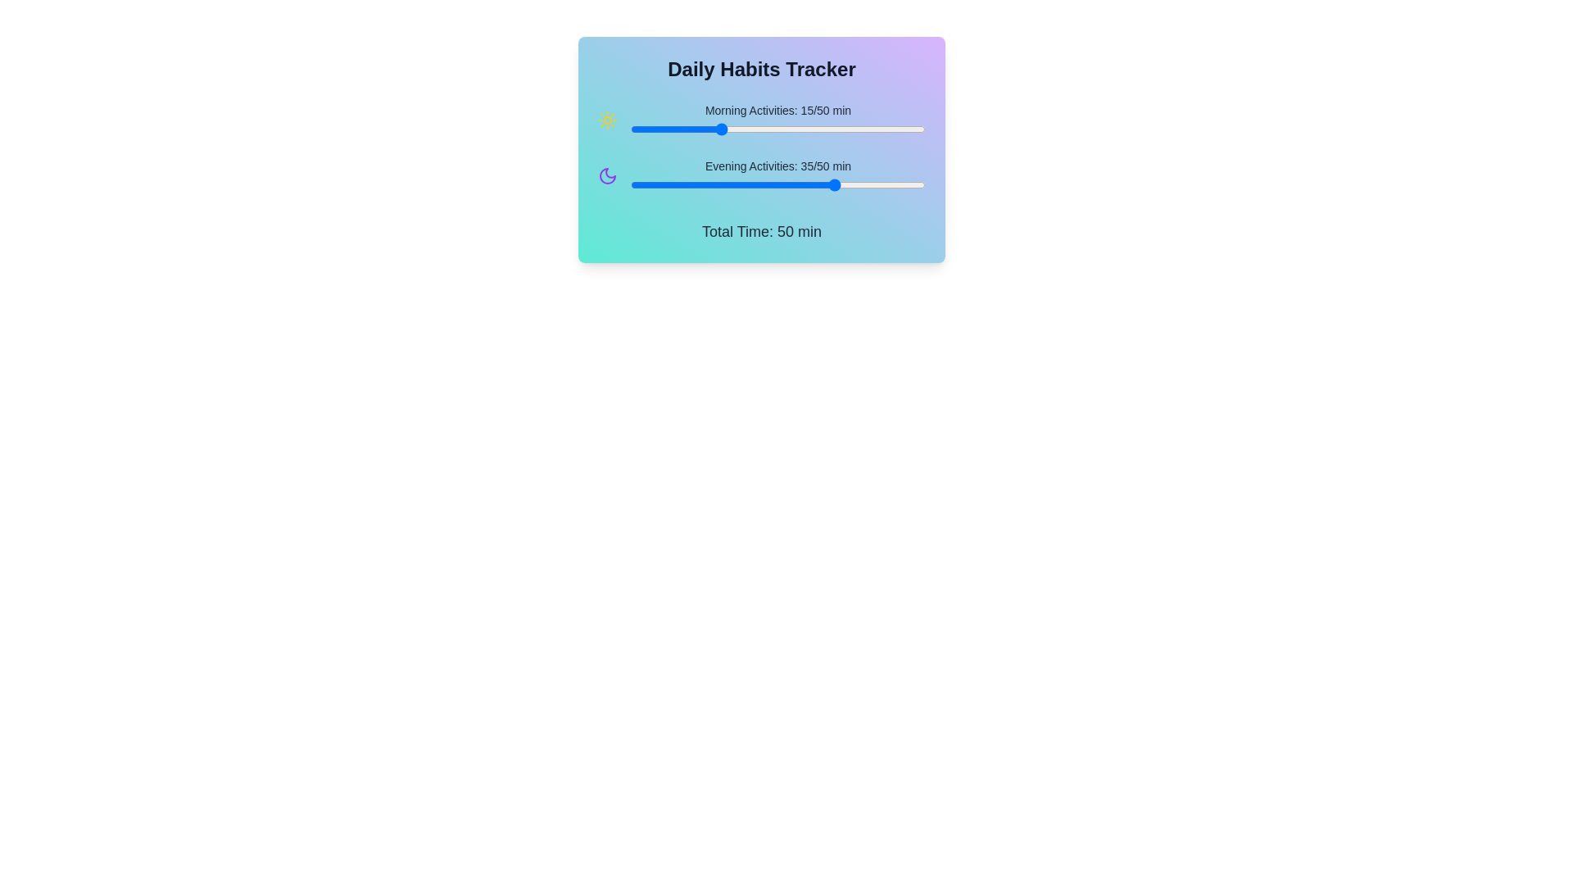 The height and width of the screenshot is (885, 1573). Describe the element at coordinates (607, 176) in the screenshot. I see `the decorative nighttime icon, which is the second icon from the top in a vertical list, located near the top-left corner of the card, above the blue progress bar for 'Evening Activities'` at that location.